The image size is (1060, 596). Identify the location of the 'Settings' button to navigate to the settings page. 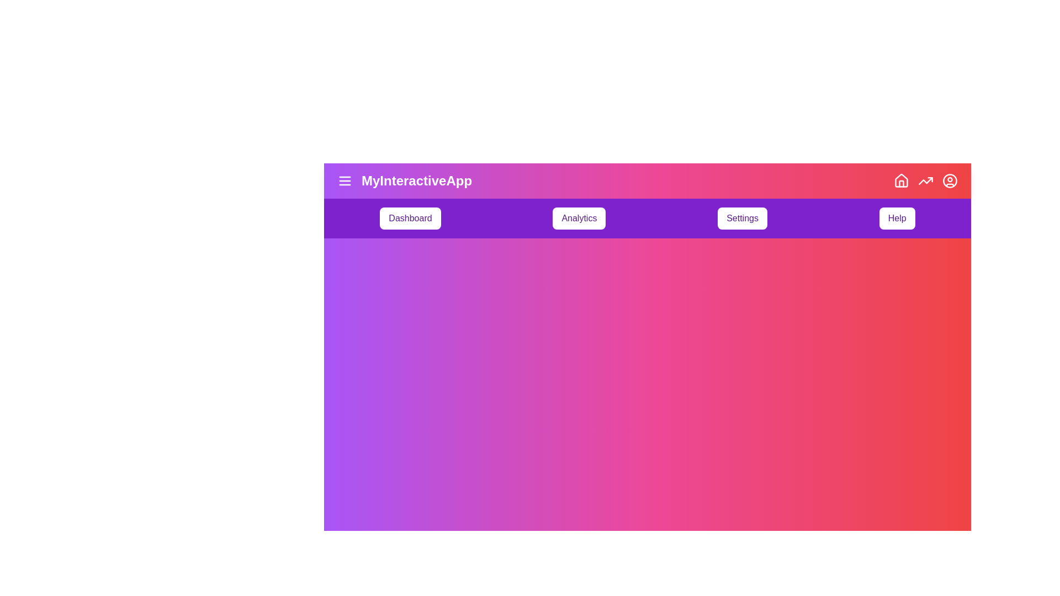
(742, 219).